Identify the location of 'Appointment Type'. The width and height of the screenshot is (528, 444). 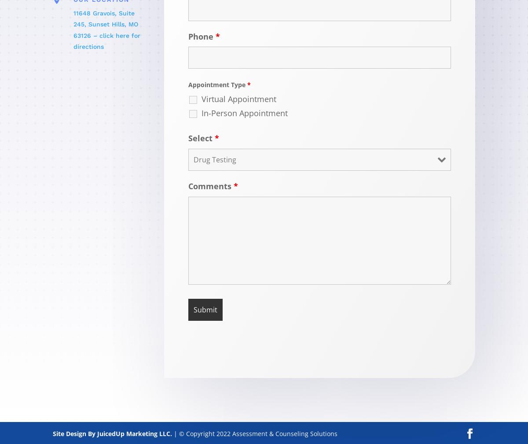
(217, 84).